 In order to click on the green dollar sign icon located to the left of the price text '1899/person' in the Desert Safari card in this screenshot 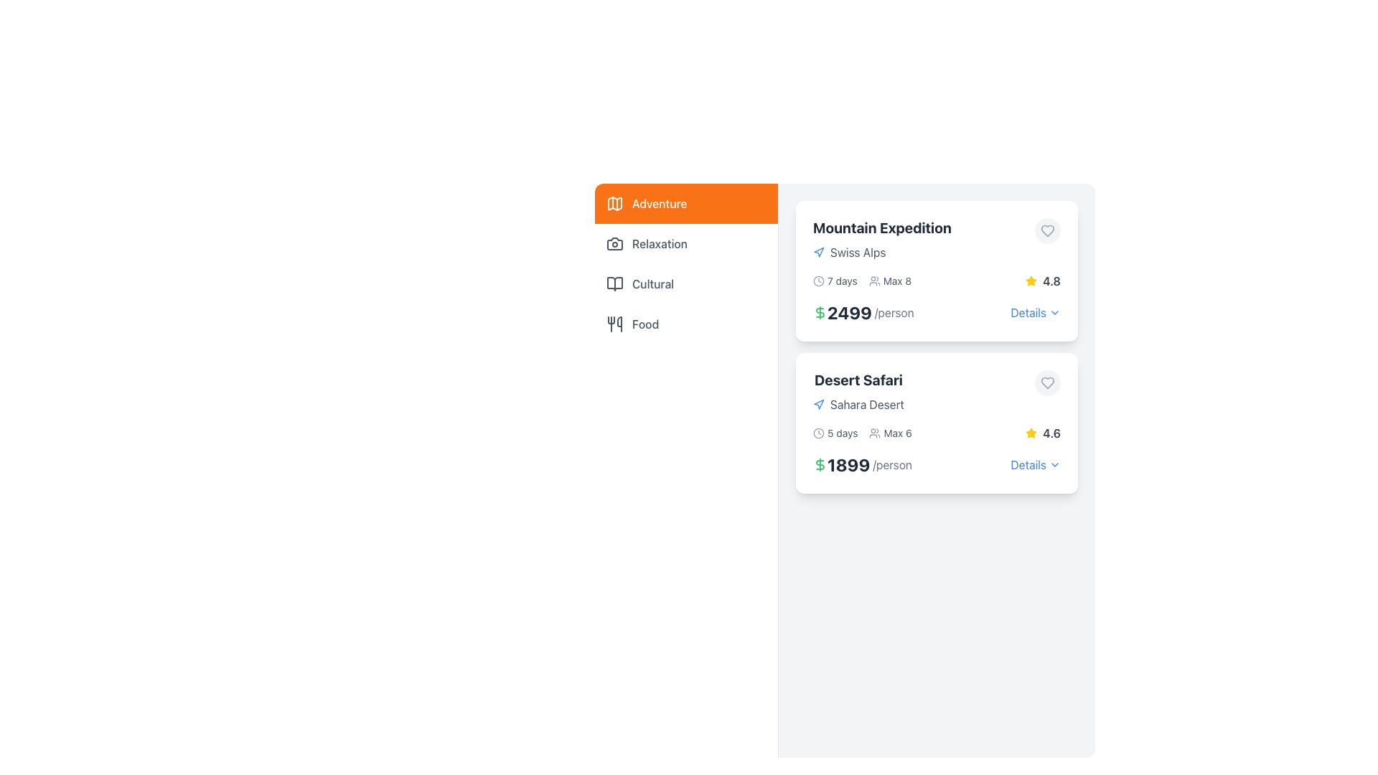, I will do `click(820, 465)`.